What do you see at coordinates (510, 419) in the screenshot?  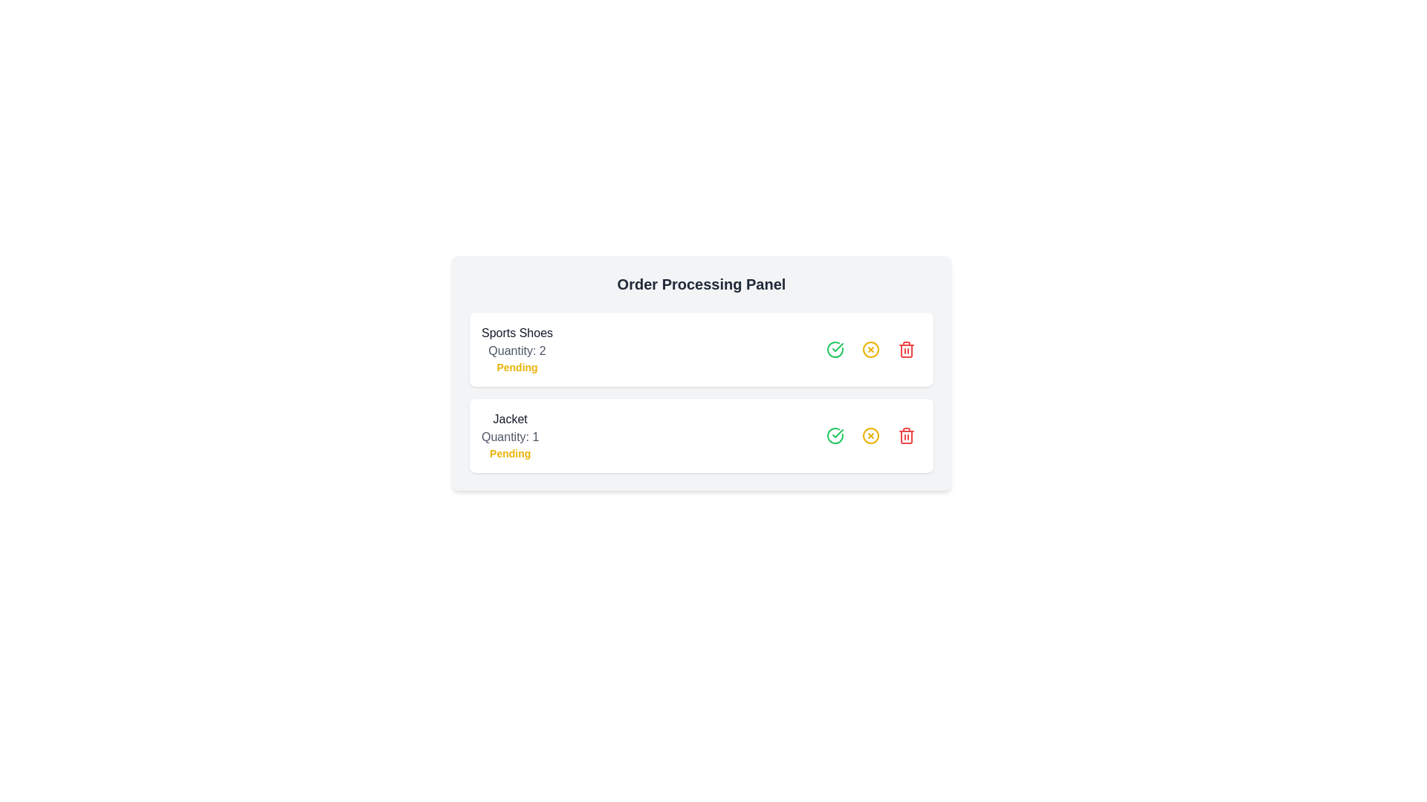 I see `text label 'Jacket' which is styled in bold dark gray, positioned at the top of the item list entry in the Order Processing Panel` at bounding box center [510, 419].